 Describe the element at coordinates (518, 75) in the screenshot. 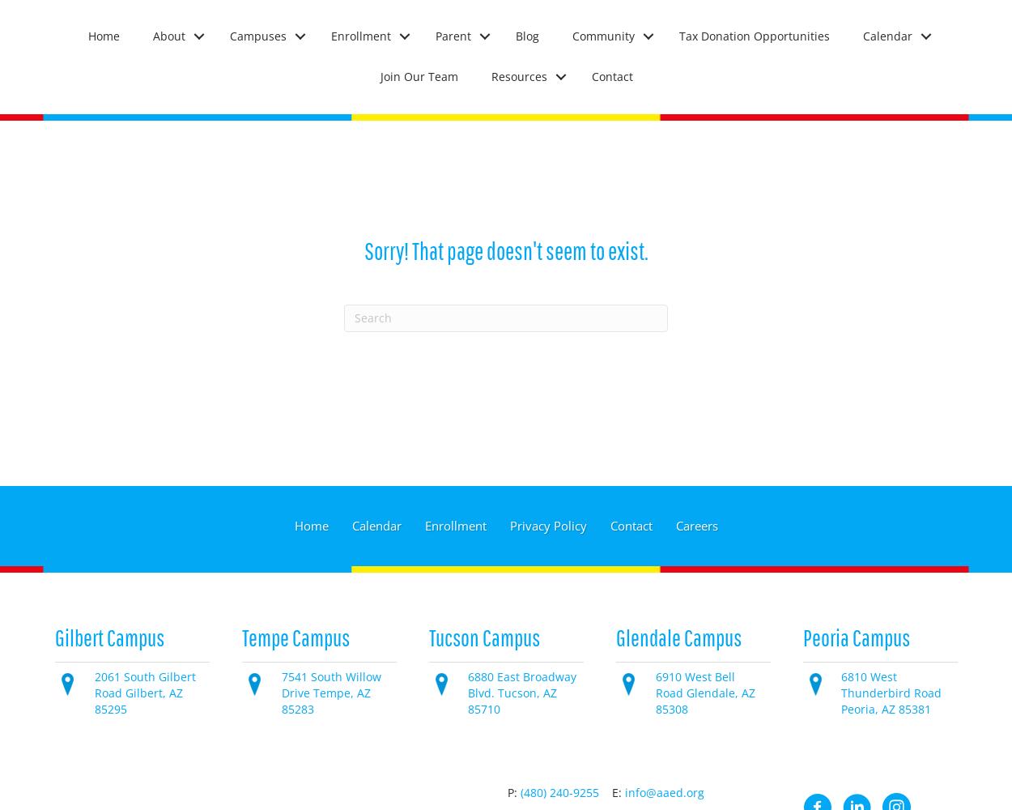

I see `'Resources'` at that location.